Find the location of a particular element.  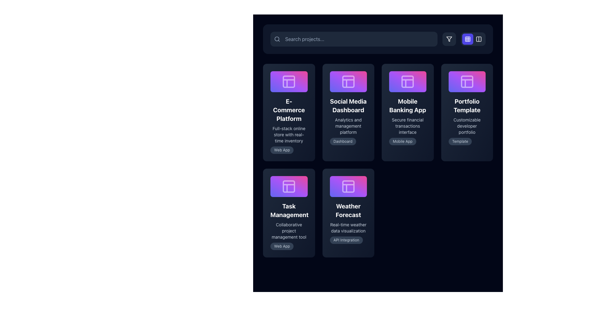

the descriptive text element that provides additional information about the 'Mobile Banking App', located below the title within the top-right card of the grid layout is located at coordinates (408, 125).